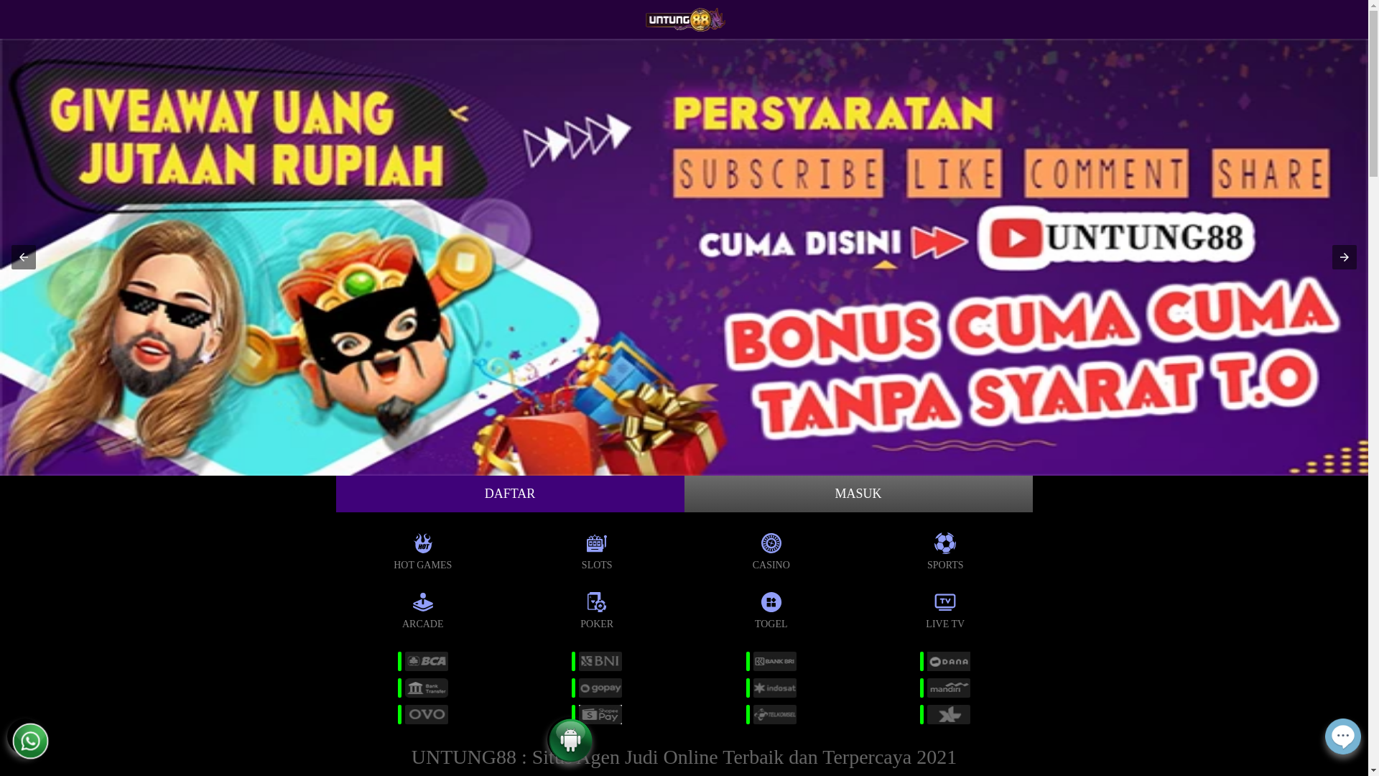 The width and height of the screenshot is (1379, 776). I want to click on 'LIVE TV', so click(945, 607).